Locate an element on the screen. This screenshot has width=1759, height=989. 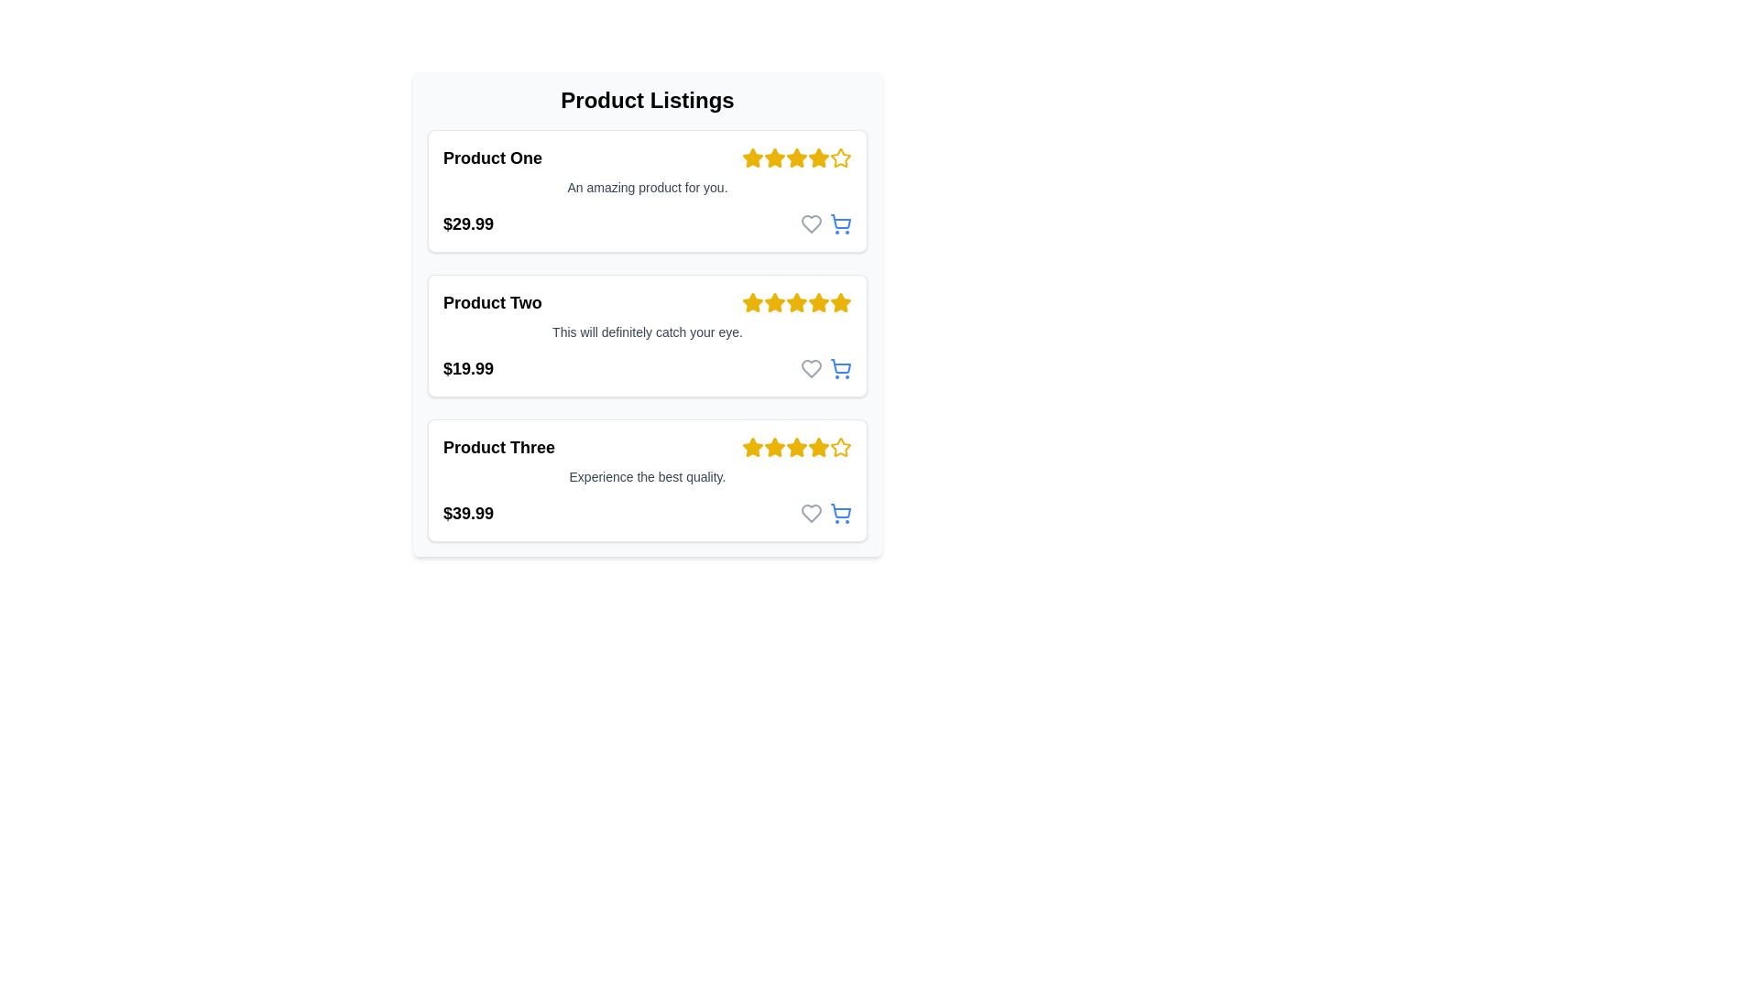
the fifth golden star icon in the rating component for 'Product Three' to provide visual feedback is located at coordinates (796, 448).